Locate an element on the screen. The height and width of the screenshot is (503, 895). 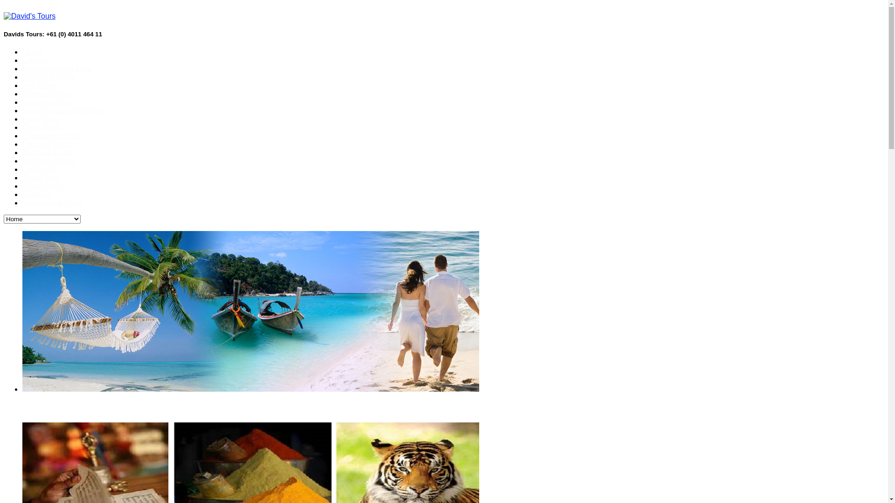
'European Tours' is located at coordinates (22, 102).